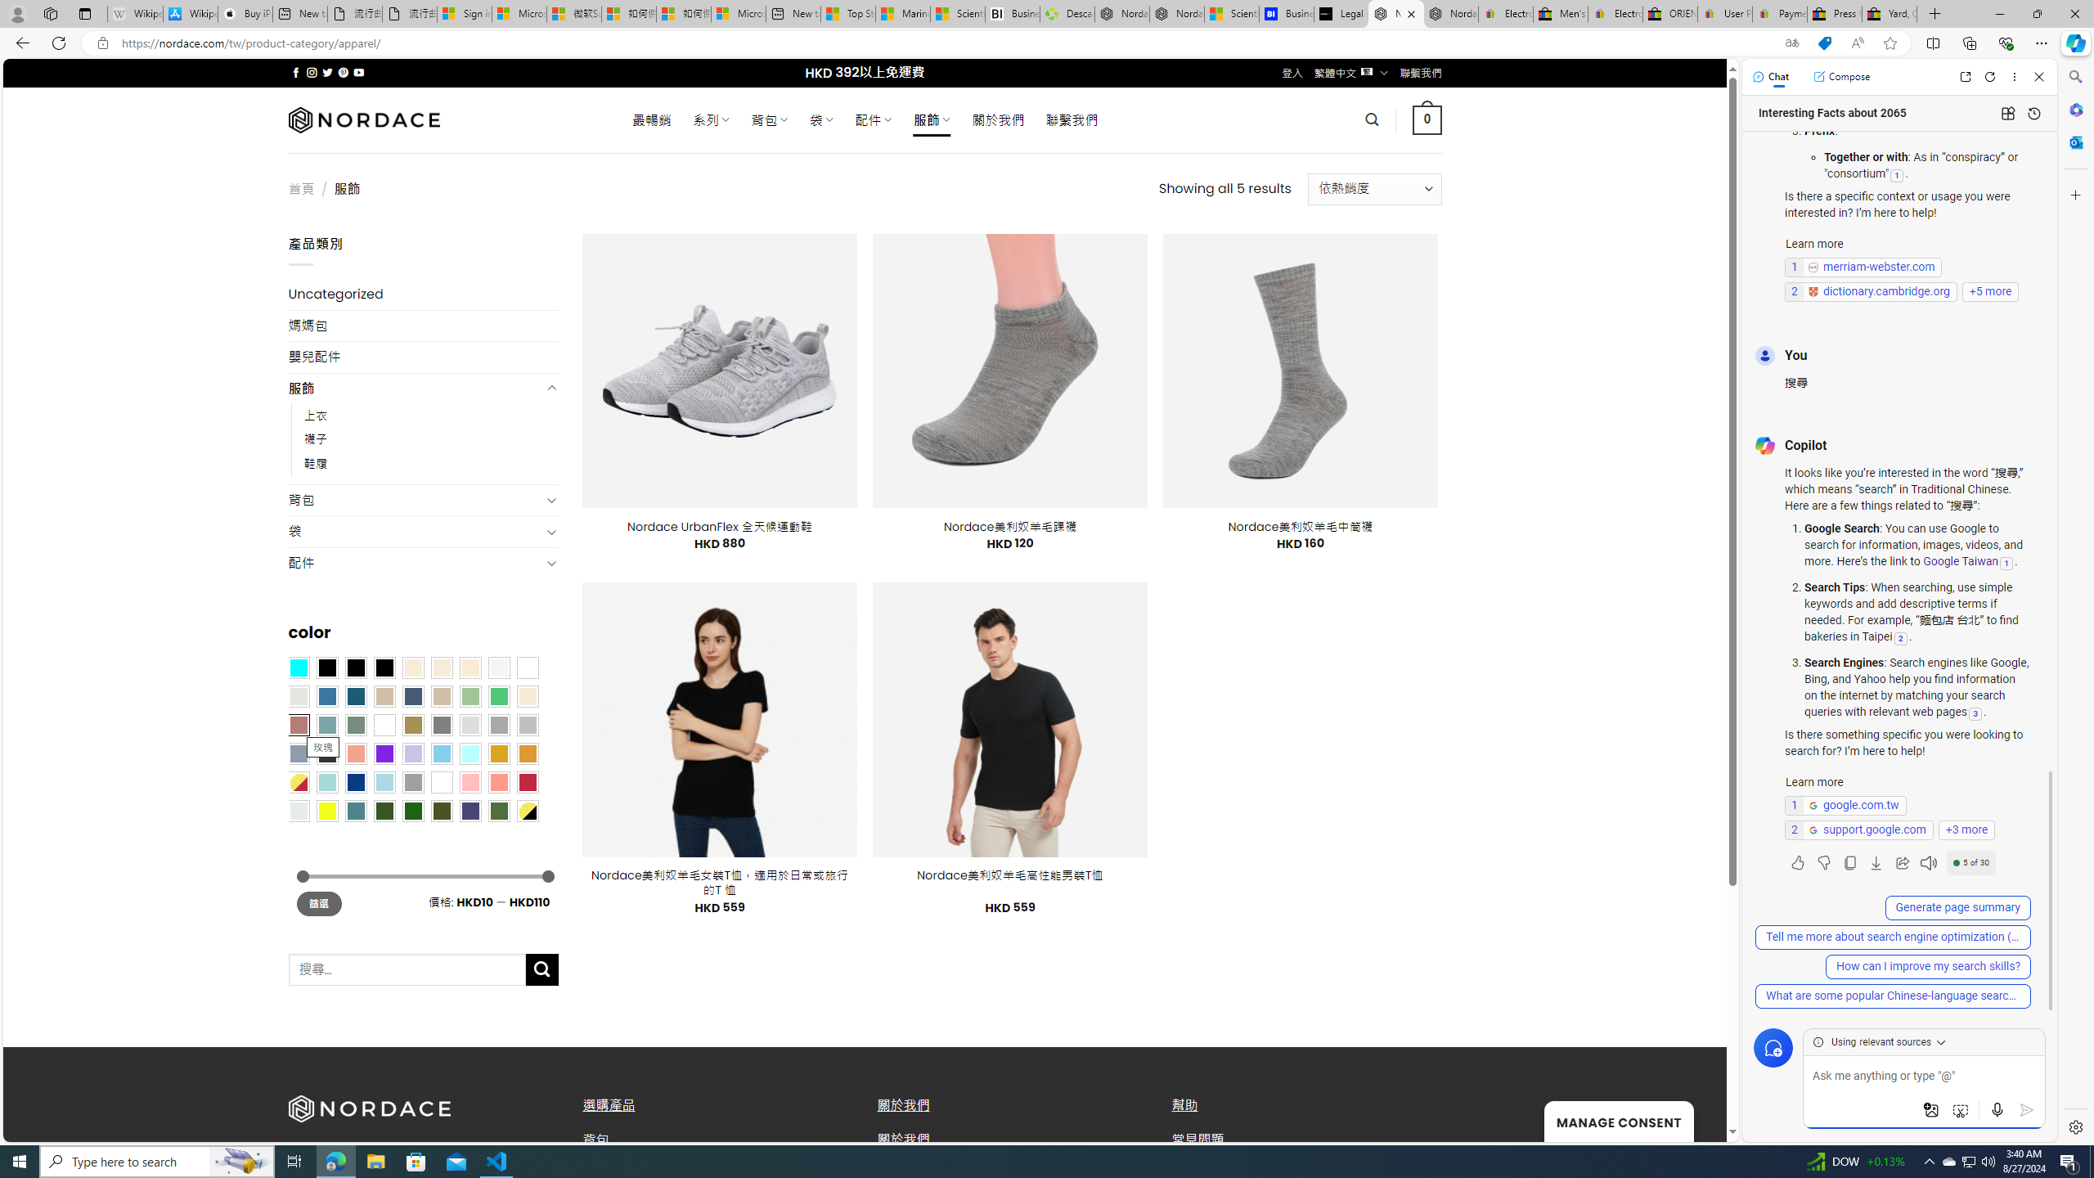 This screenshot has height=1178, width=2094. I want to click on ' 0 ', so click(1427, 119).